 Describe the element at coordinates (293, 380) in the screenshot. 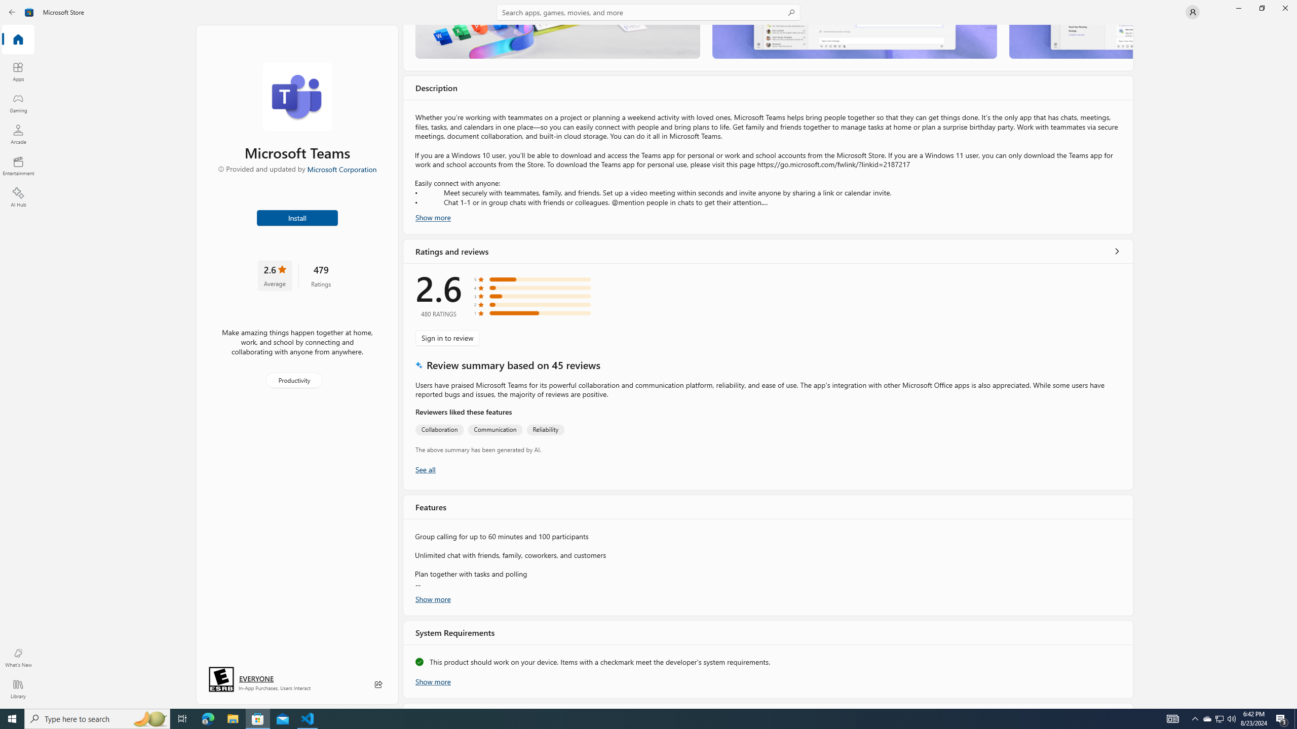

I see `'Productivity'` at that location.